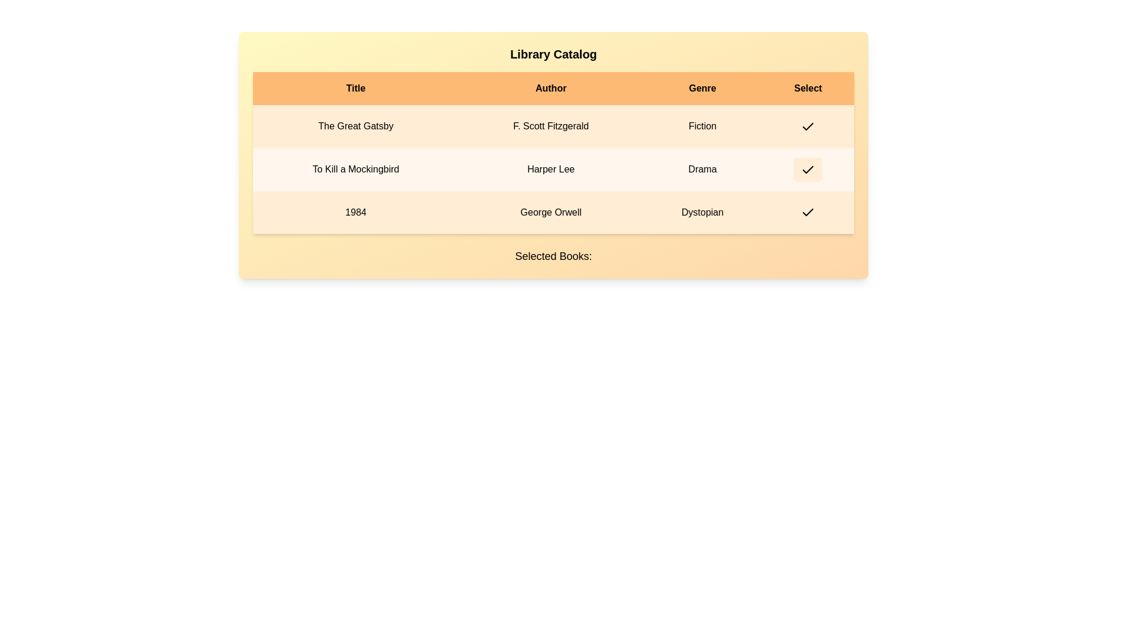  I want to click on the prominently styled text label that reads 'Library Catalog', located at the top of the gradient-colored card, so click(553, 54).